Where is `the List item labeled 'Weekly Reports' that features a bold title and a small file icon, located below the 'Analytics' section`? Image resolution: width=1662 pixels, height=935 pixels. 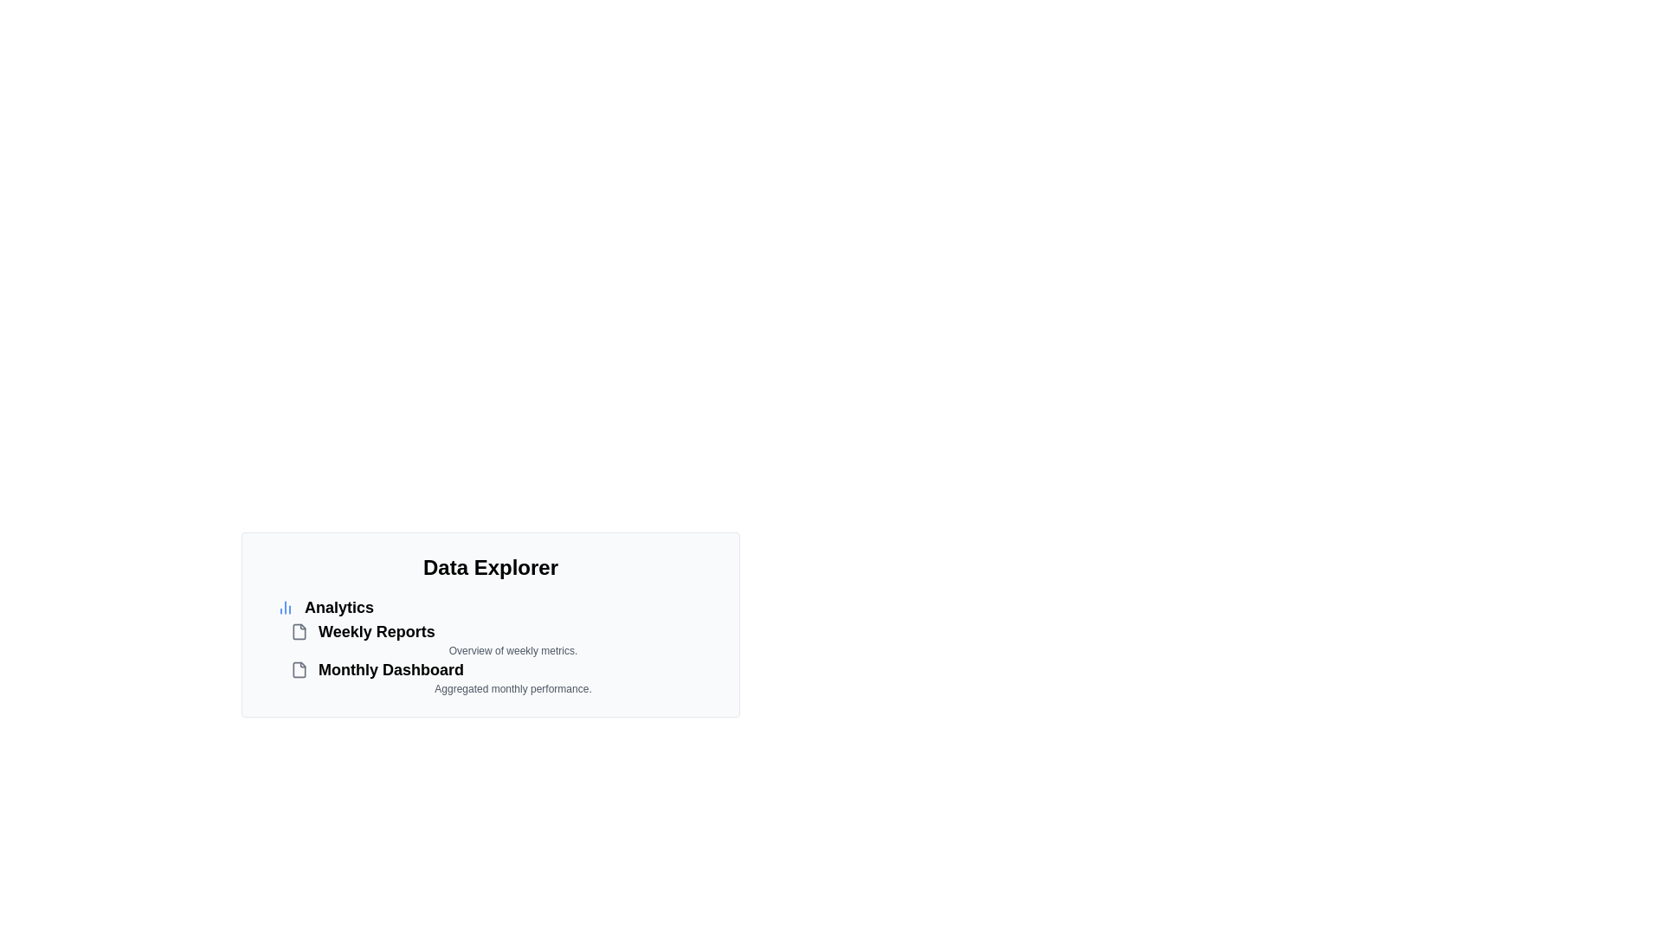 the List item labeled 'Weekly Reports' that features a bold title and a small file icon, located below the 'Analytics' section is located at coordinates (503, 638).